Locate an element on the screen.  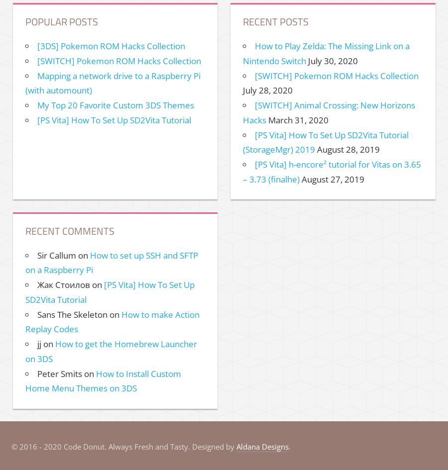
'How to Play Zelda: The Missing Link on a Nintendo Switch' is located at coordinates (326, 52).